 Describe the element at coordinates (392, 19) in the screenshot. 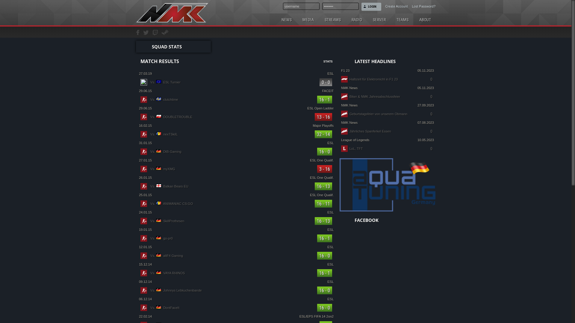

I see `'TEAMS'` at that location.